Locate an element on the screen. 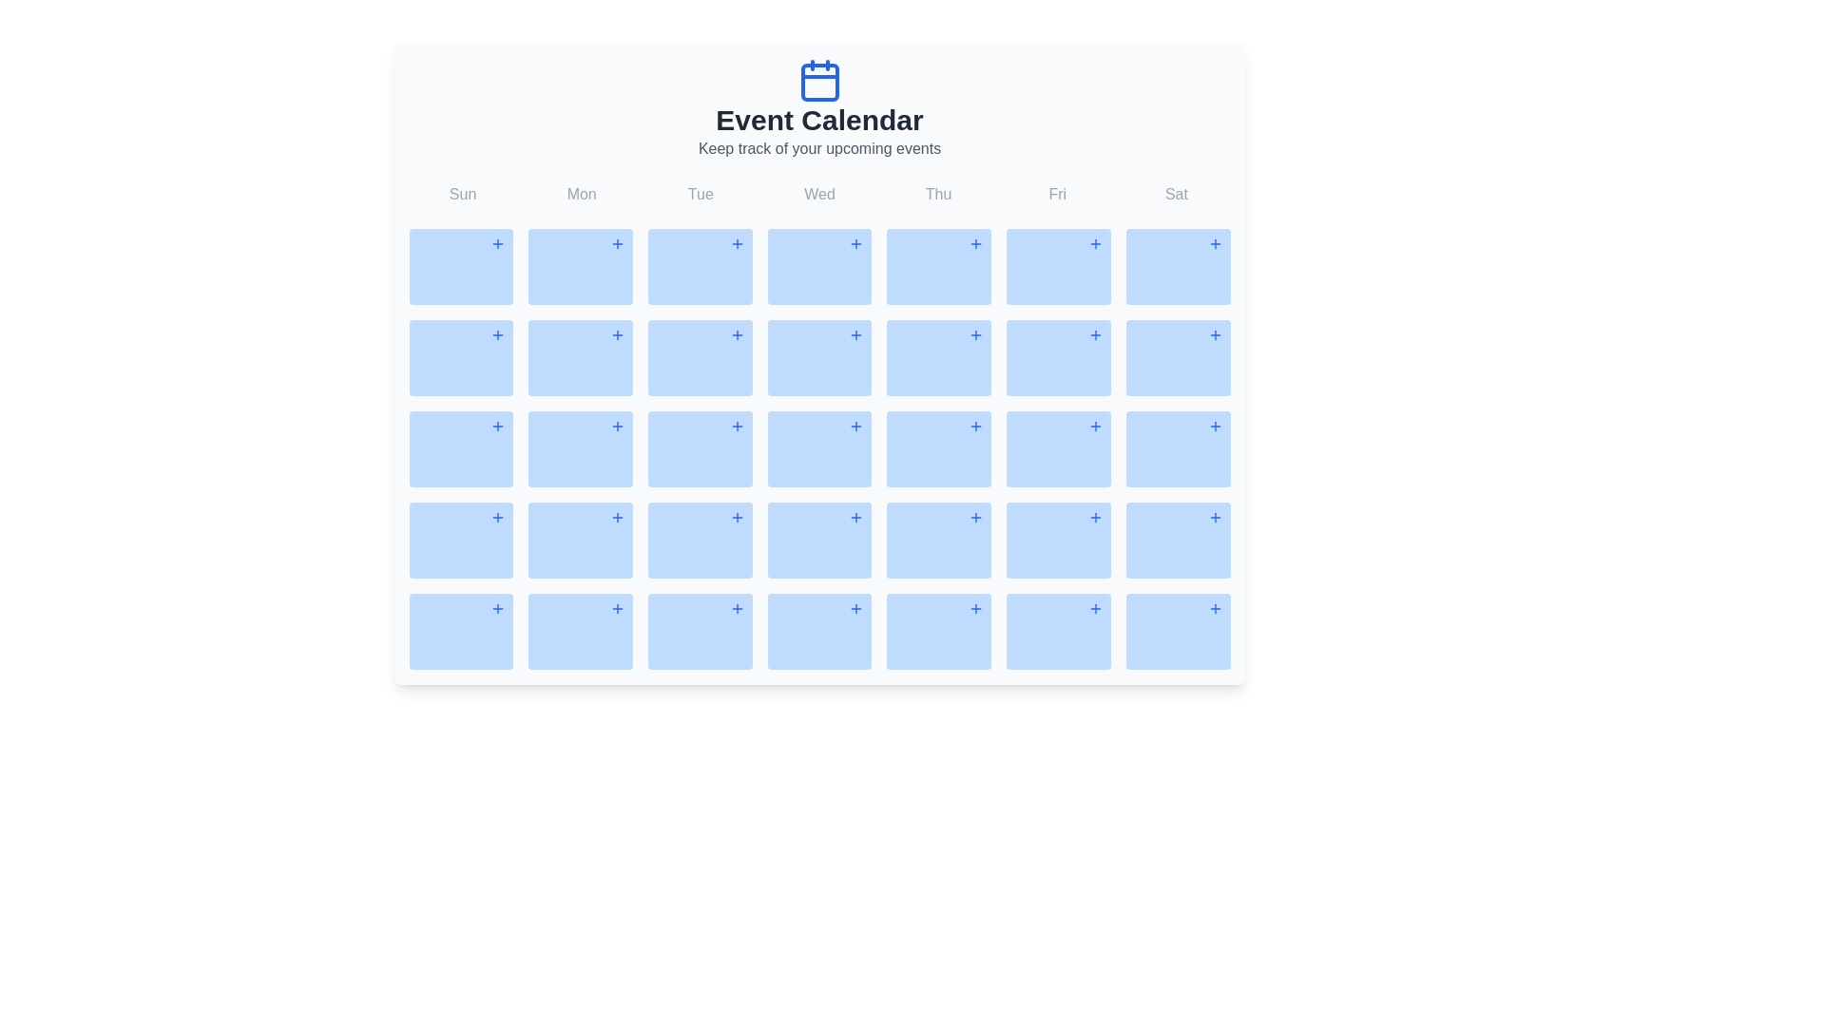 The height and width of the screenshot is (1026, 1825). the placeholder or interactive grid item located in the bottom row and second column of the grid structure by clicking on it is located at coordinates (580, 631).